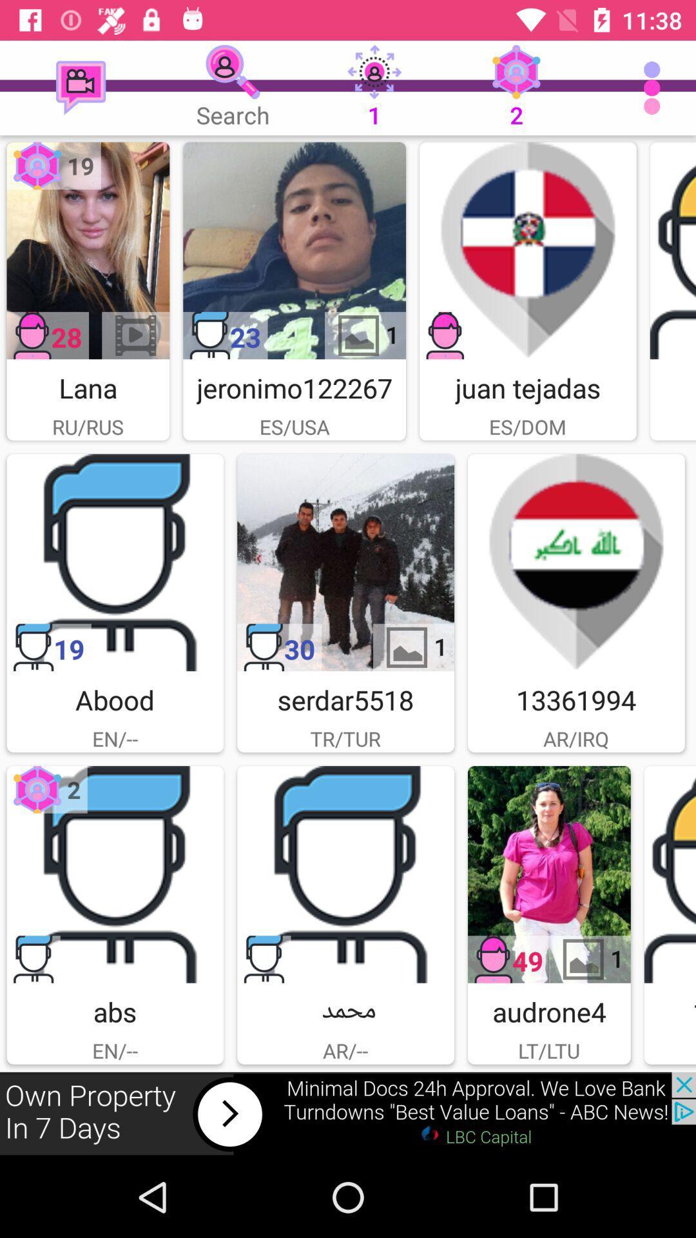  Describe the element at coordinates (87, 250) in the screenshot. I see `profile` at that location.